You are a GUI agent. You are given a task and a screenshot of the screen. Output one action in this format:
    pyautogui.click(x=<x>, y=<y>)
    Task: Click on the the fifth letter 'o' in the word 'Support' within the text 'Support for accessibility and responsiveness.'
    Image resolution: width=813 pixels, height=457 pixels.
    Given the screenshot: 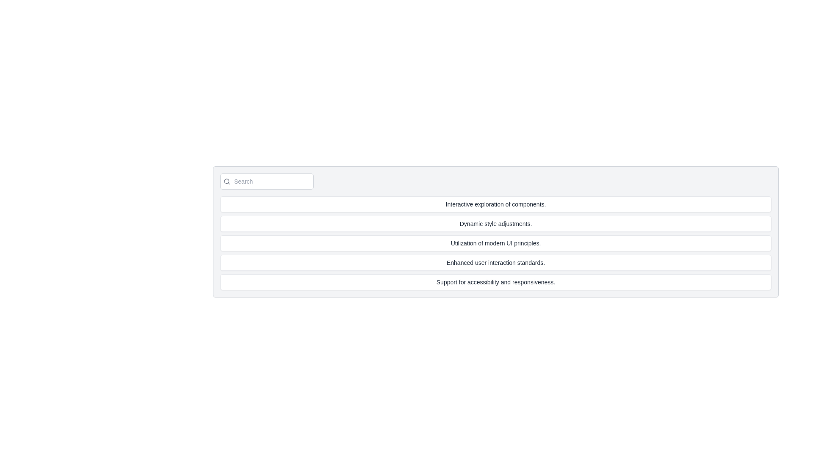 What is the action you would take?
    pyautogui.click(x=445, y=282)
    